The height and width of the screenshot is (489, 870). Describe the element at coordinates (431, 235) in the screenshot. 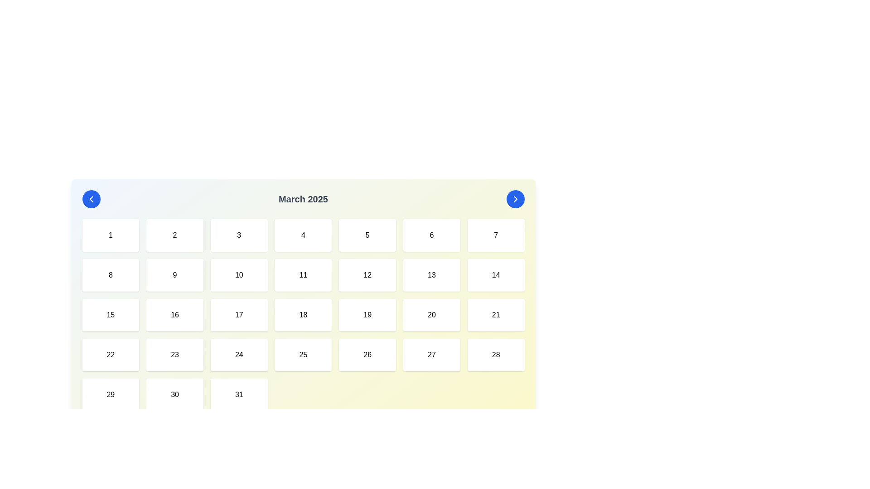

I see `the clickable calendar day block displaying the number '6', which is a square-shaped block with a white background and rounded corners, positioned in the first row of the grid layout for March 2025` at that location.